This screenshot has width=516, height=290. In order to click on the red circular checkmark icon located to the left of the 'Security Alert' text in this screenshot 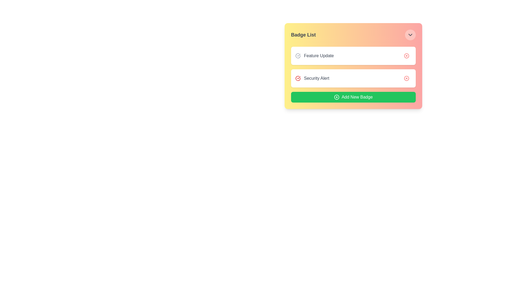, I will do `click(298, 78)`.